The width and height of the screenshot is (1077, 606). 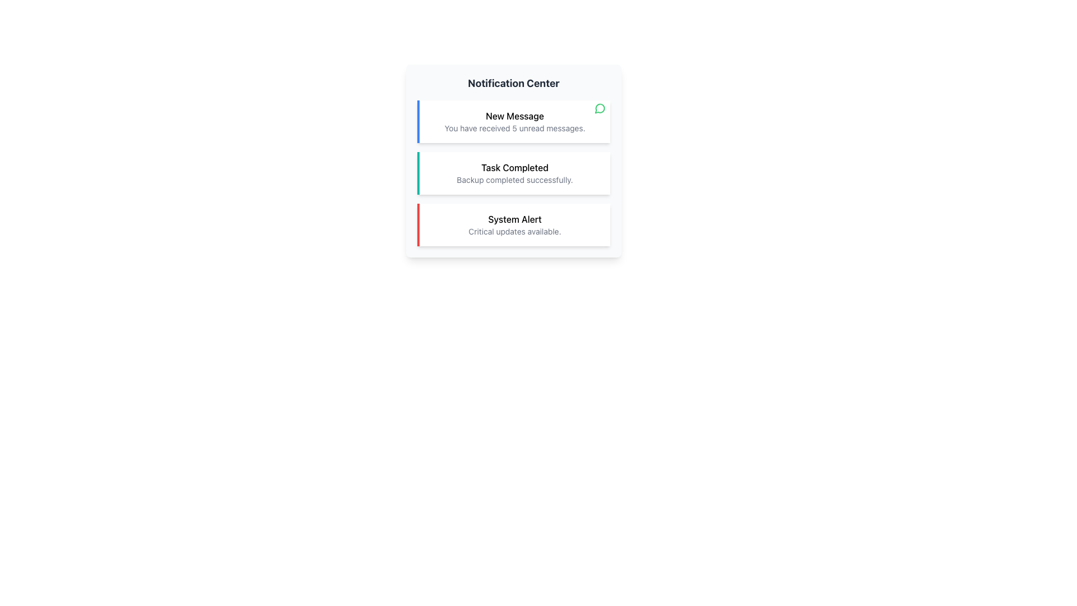 I want to click on the 'Notification Center' text label, which is displayed in bold and centered at the top of the notification panel, so click(x=513, y=83).